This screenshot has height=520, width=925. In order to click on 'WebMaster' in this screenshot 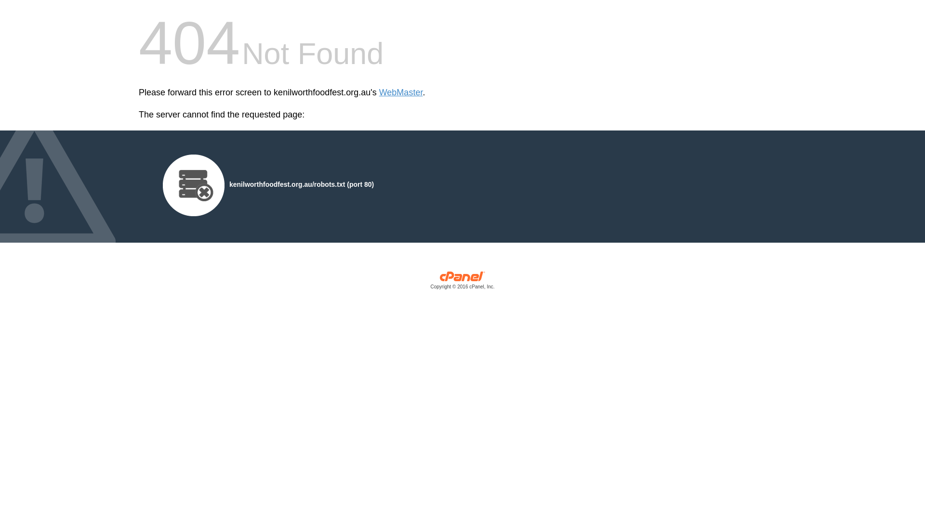, I will do `click(401, 92)`.